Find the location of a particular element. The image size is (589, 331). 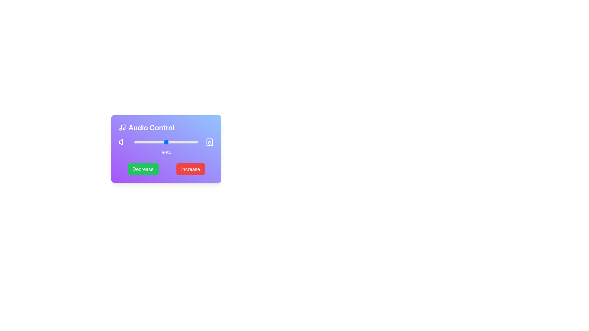

the green 'Decrease' button is located at coordinates (143, 169).